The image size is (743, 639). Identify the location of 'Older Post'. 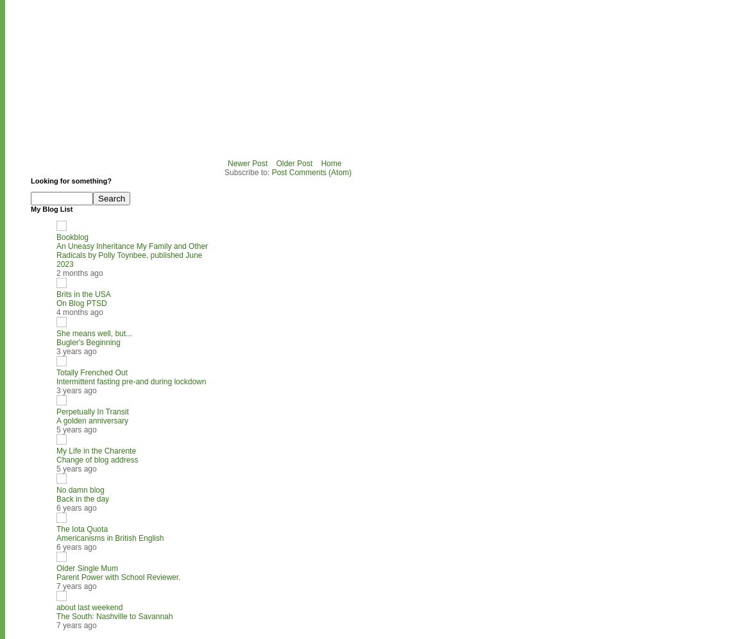
(275, 163).